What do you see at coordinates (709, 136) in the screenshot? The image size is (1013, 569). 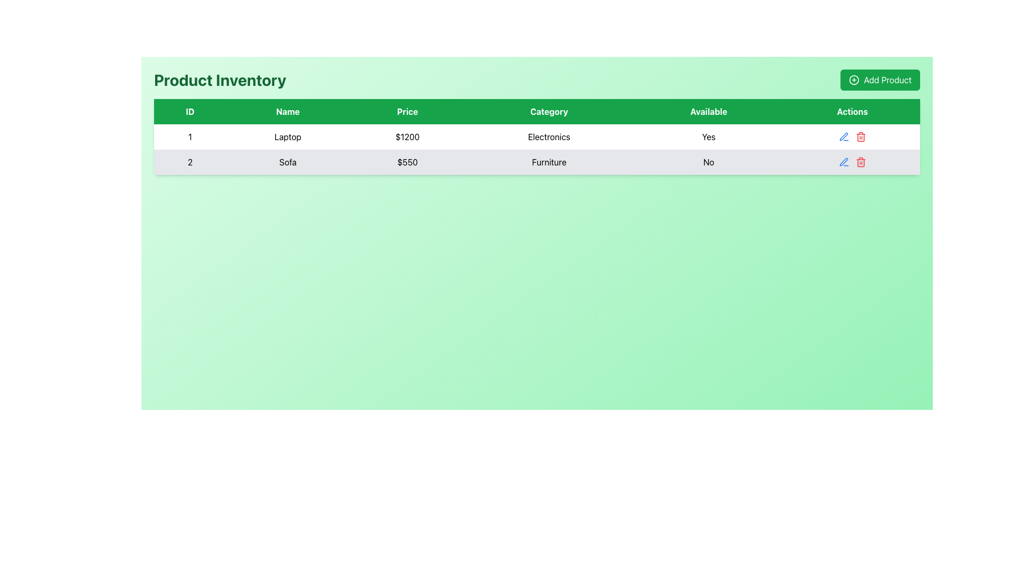 I see `Text Label indicating the availability status of the product 'Laptop' in the inventory table, located in the fifth column under 'Available'` at bounding box center [709, 136].